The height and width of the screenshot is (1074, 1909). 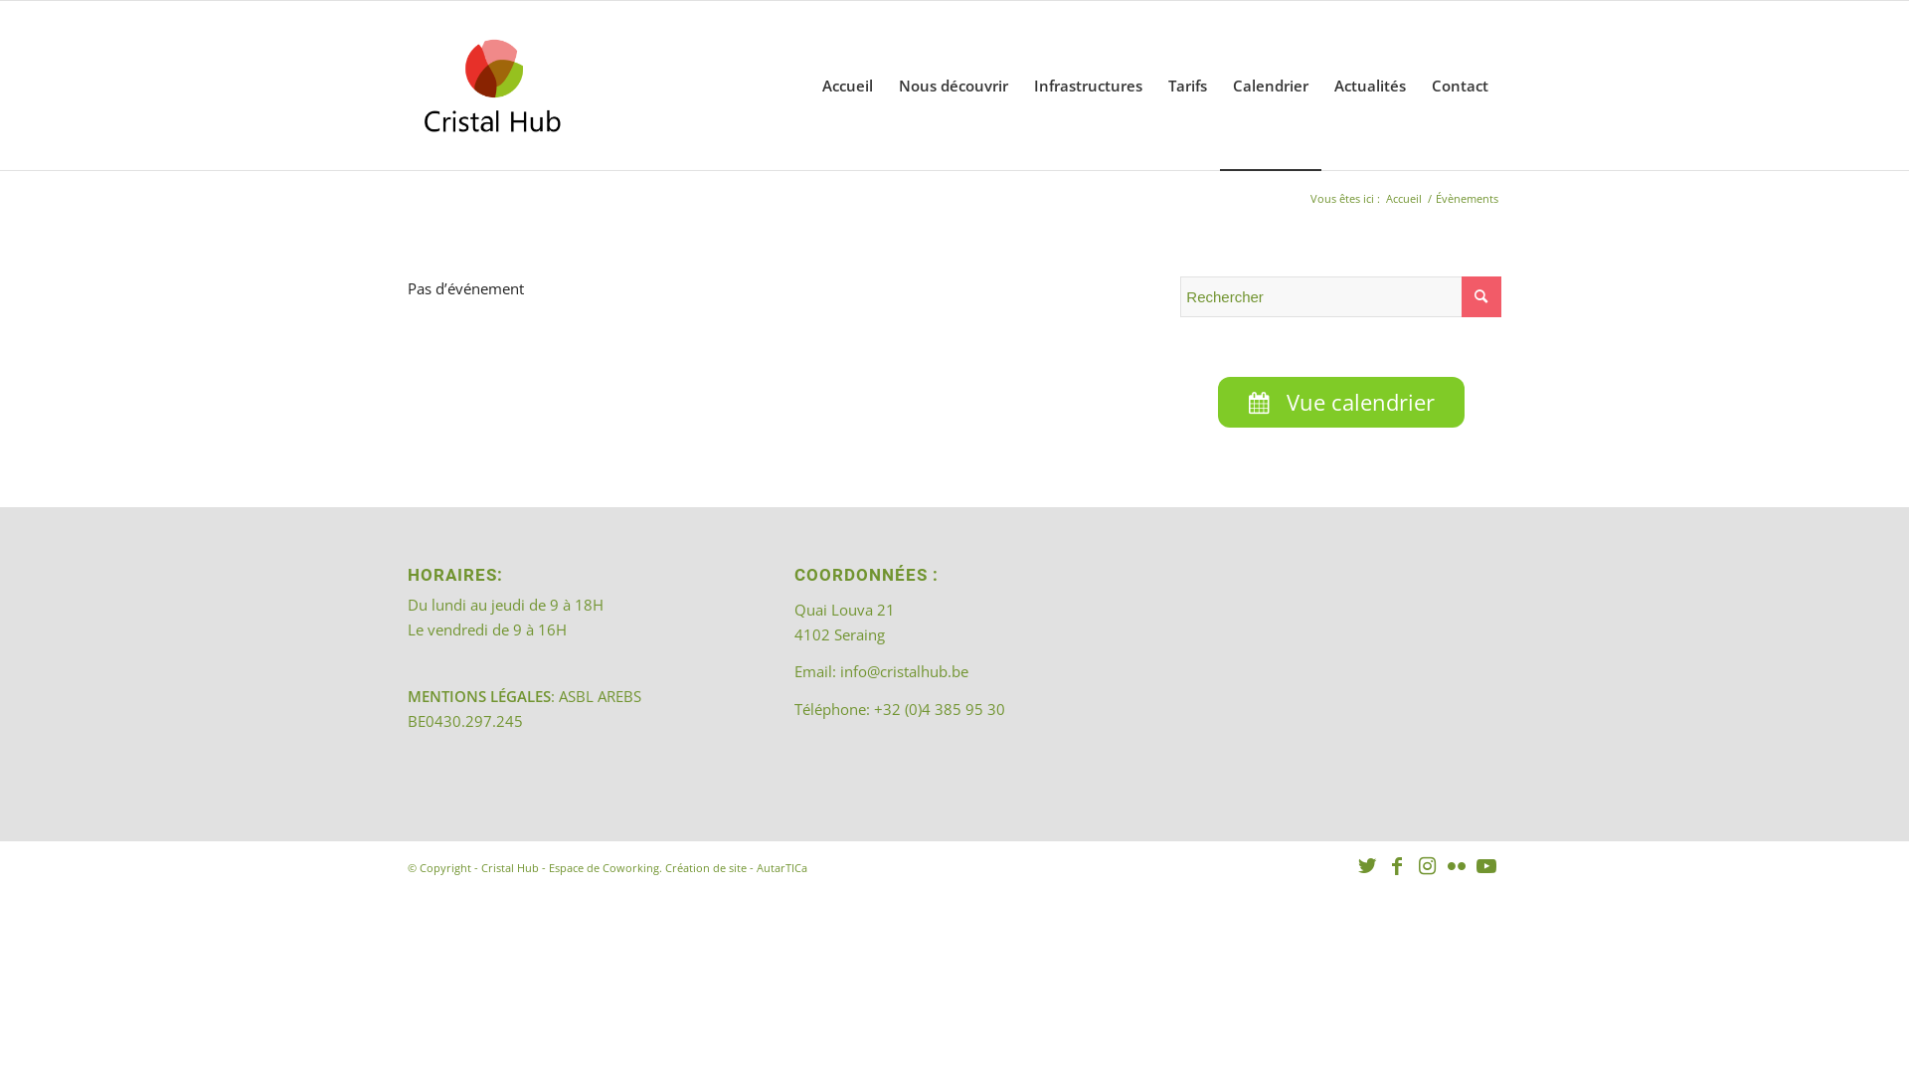 I want to click on 'Vue calendrier', so click(x=1340, y=402).